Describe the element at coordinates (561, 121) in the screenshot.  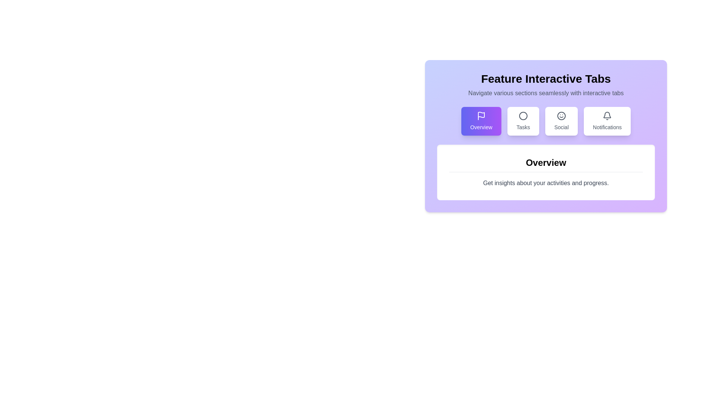
I see `the 'Social' button, which is the third button in a row of four` at that location.